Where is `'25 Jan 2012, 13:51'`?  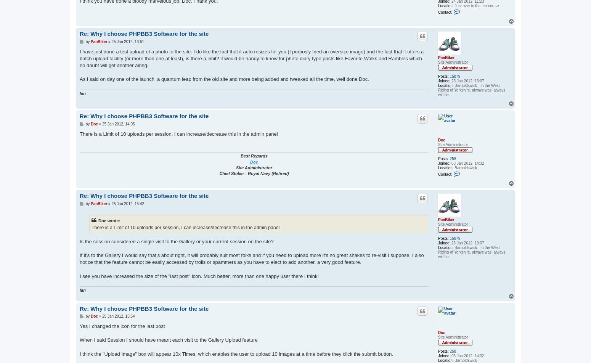
'25 Jan 2012, 13:51' is located at coordinates (127, 41).